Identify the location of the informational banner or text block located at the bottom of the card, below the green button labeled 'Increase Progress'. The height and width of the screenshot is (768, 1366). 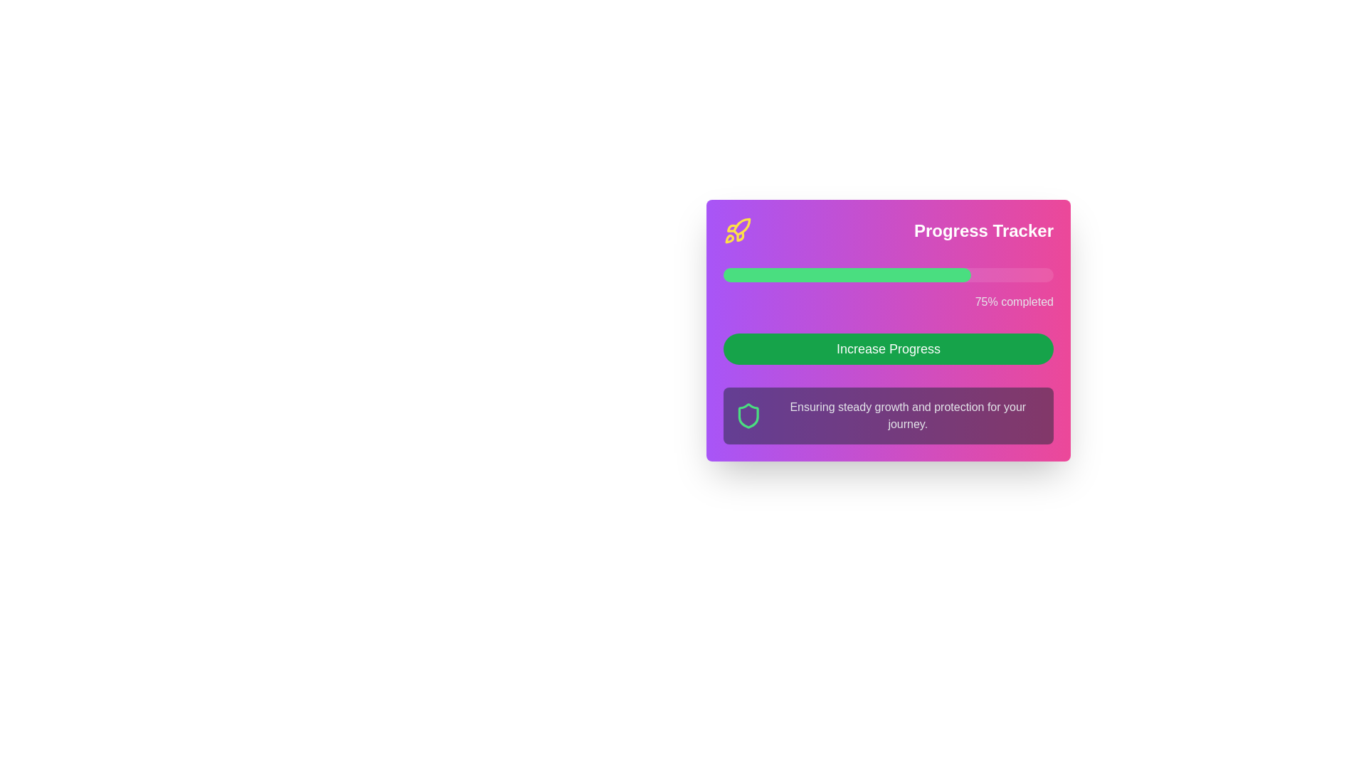
(887, 416).